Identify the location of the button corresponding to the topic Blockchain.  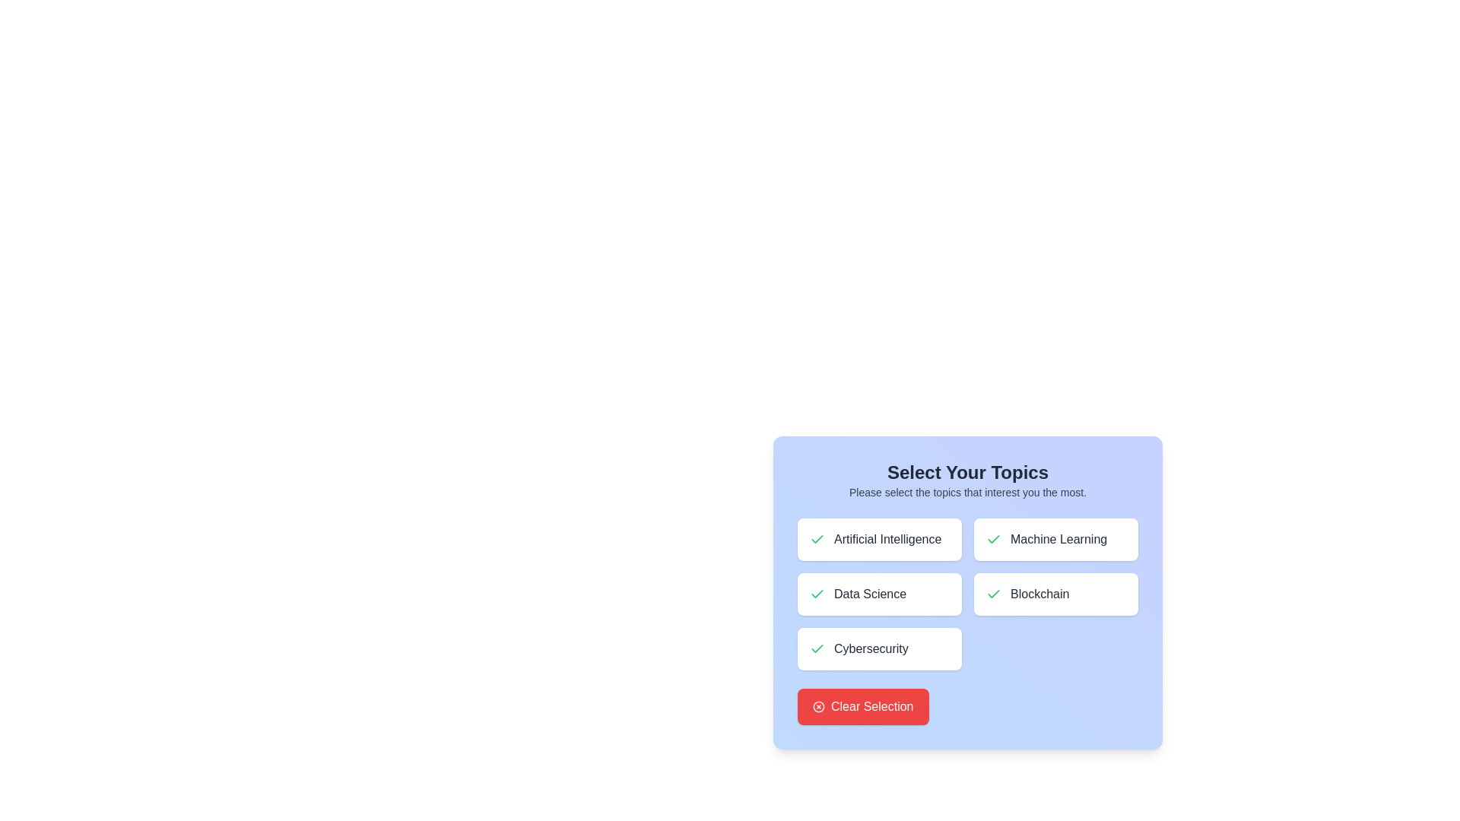
(1055, 594).